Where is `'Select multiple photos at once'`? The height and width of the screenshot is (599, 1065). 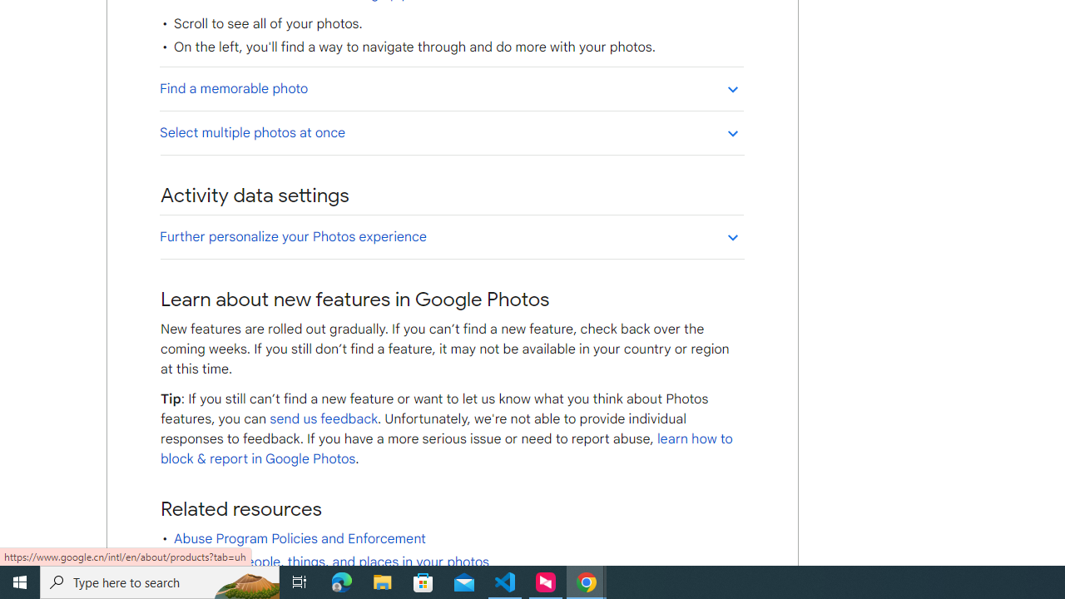 'Select multiple photos at once' is located at coordinates (451, 131).